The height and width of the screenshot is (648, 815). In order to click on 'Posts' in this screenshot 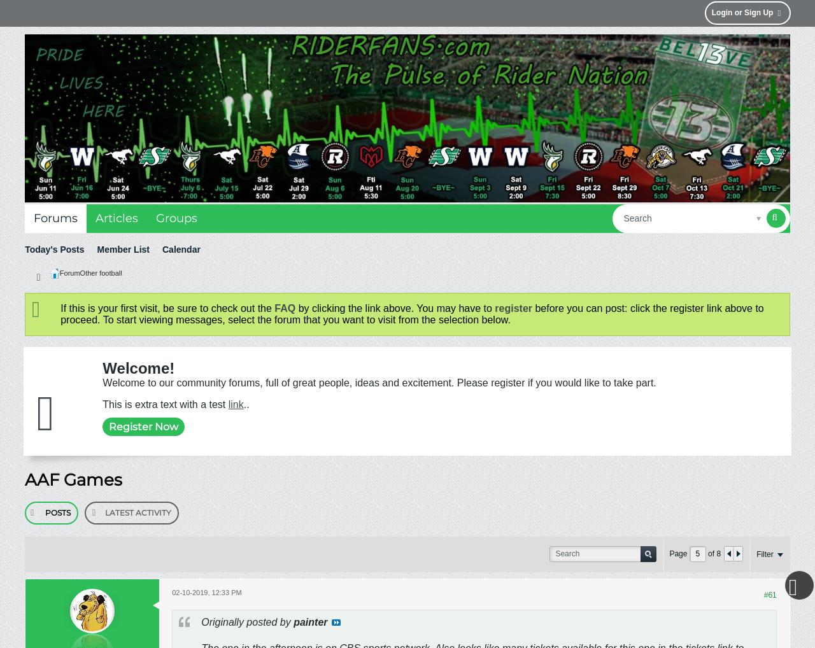, I will do `click(45, 512)`.